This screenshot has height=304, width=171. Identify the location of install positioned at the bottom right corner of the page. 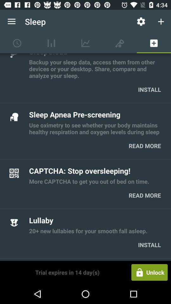
(149, 244).